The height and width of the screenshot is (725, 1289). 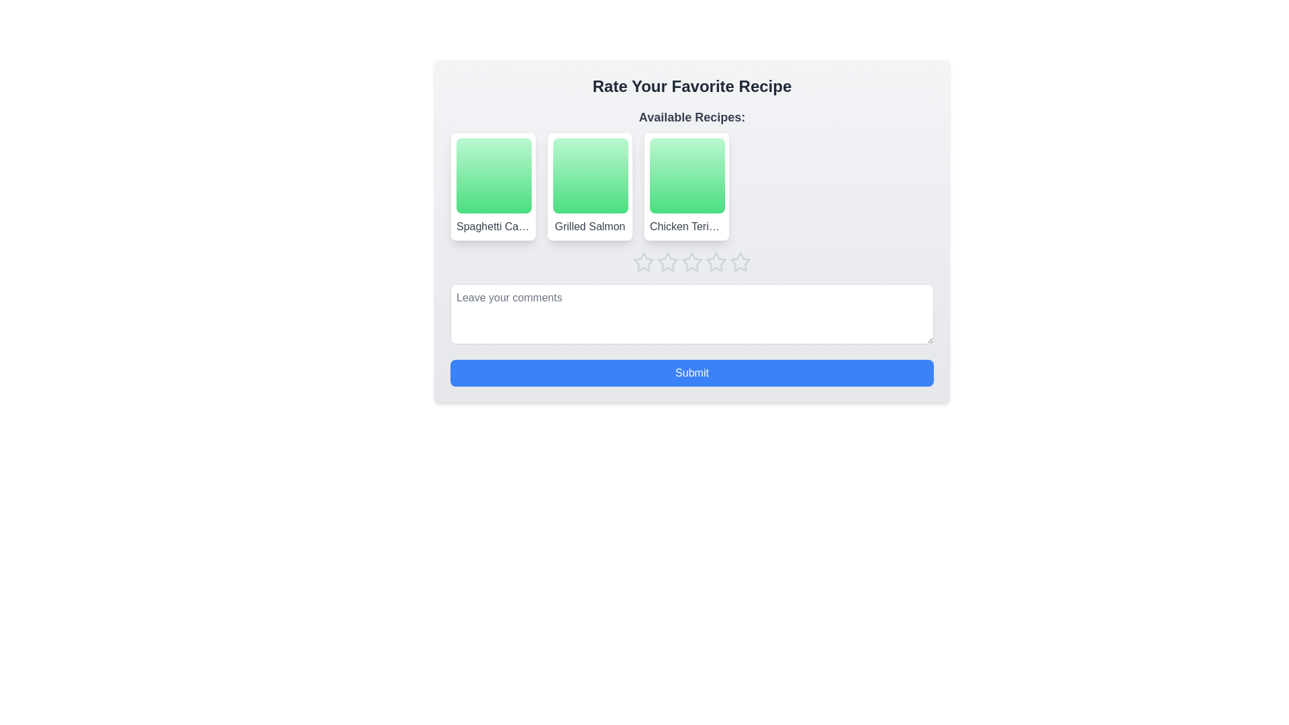 I want to click on text label 'Spaghetti Carbonara' located inside the first bordered, rounded white card in the 'Available Recipes' section below the green gradient square, so click(x=492, y=226).